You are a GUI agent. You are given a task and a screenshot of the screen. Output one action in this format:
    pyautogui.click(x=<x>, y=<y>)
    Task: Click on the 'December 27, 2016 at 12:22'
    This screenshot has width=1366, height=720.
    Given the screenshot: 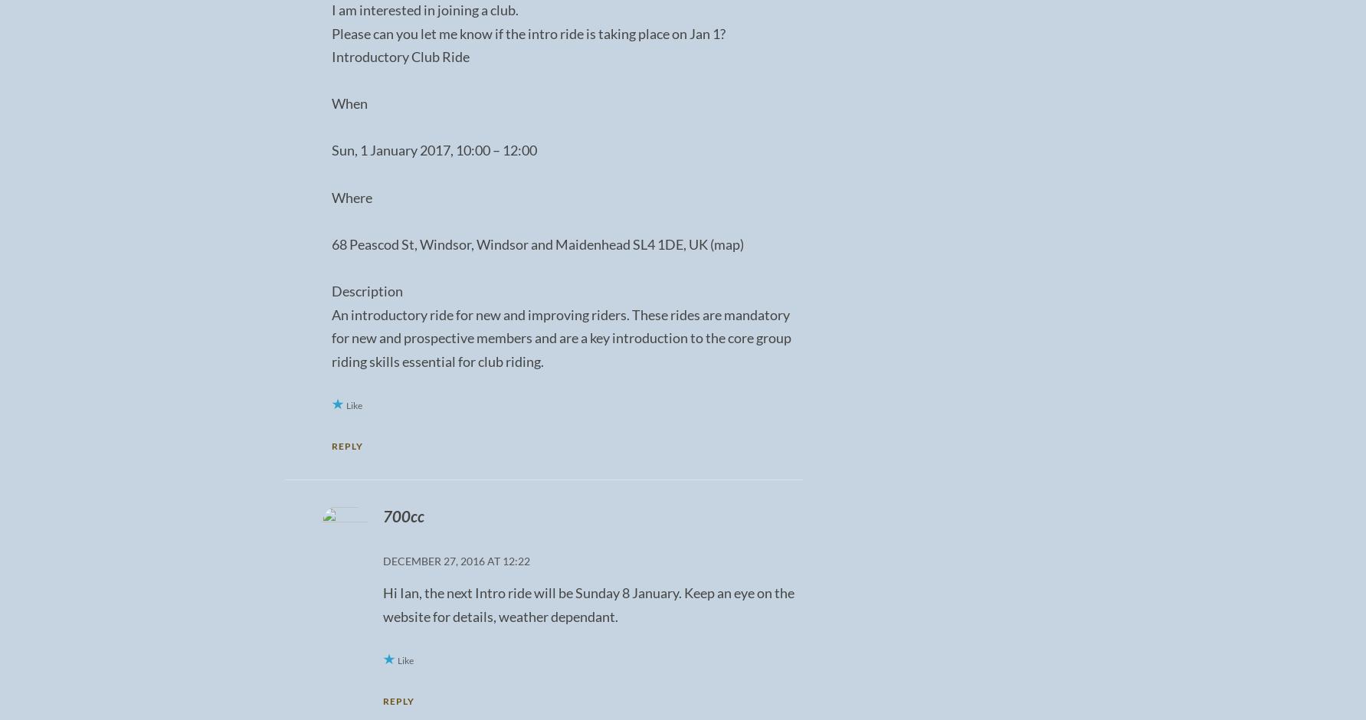 What is the action you would take?
    pyautogui.click(x=457, y=561)
    